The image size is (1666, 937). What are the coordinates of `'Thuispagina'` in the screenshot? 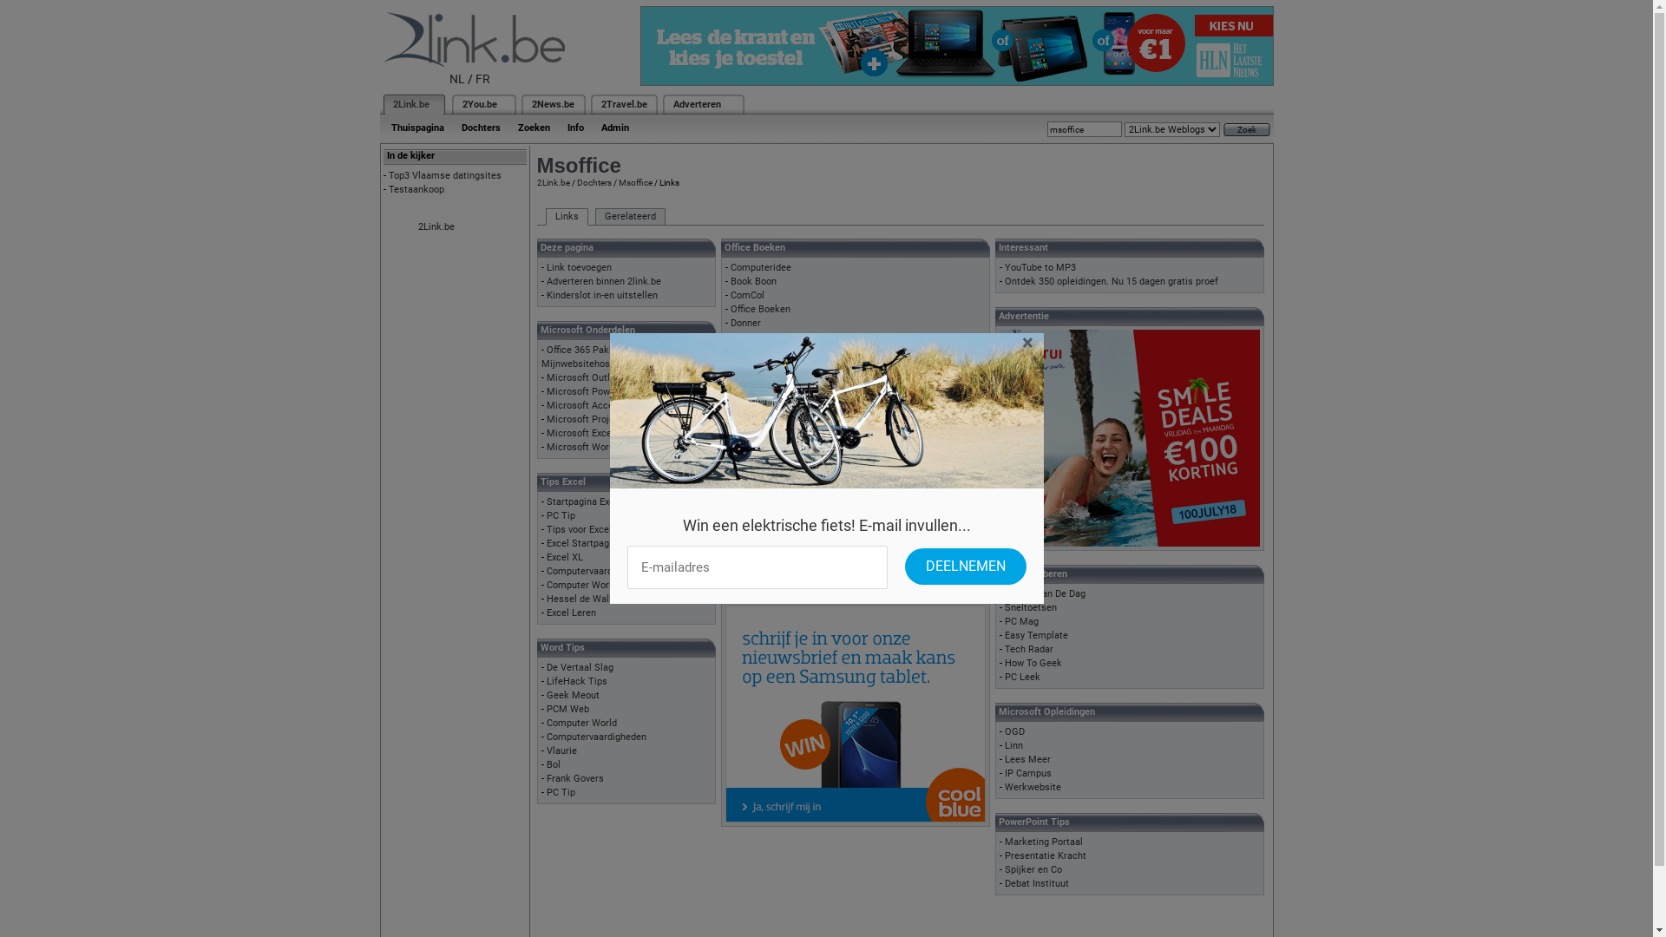 It's located at (416, 127).